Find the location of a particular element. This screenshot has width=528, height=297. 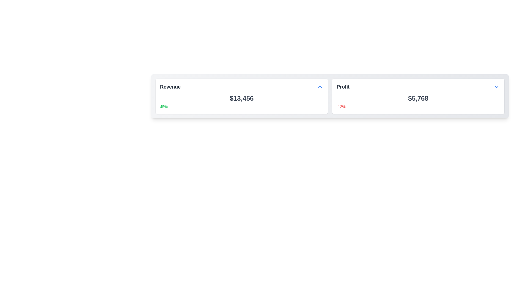

the upward-pointing chevron icon located at the far-right of the 'Revenue' section is located at coordinates (320, 87).